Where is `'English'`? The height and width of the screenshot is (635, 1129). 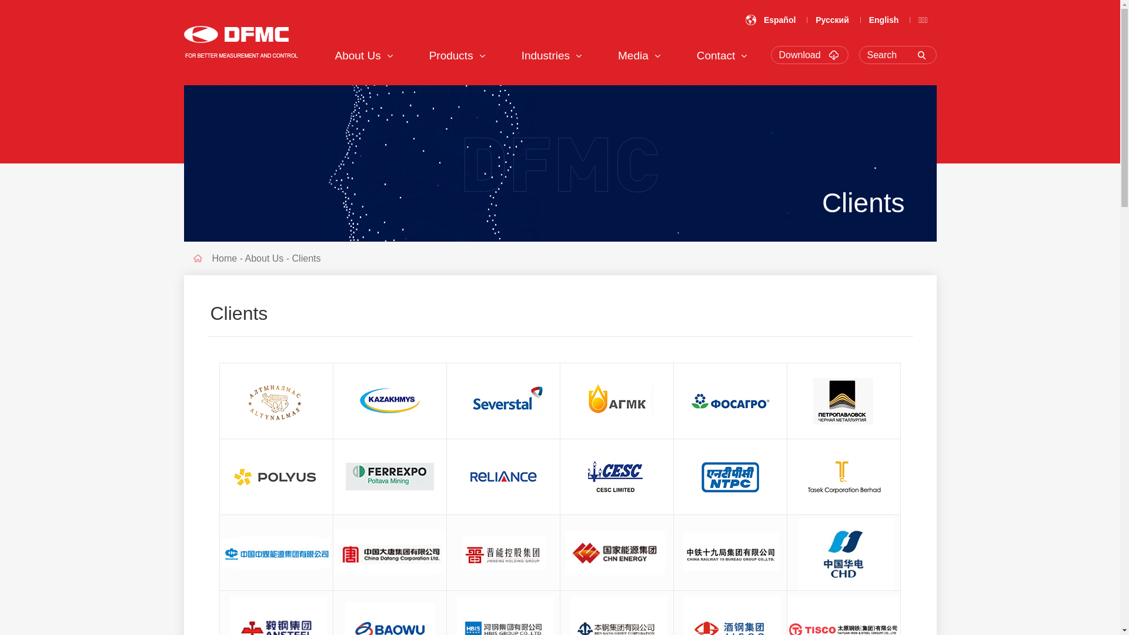 'English' is located at coordinates (884, 20).